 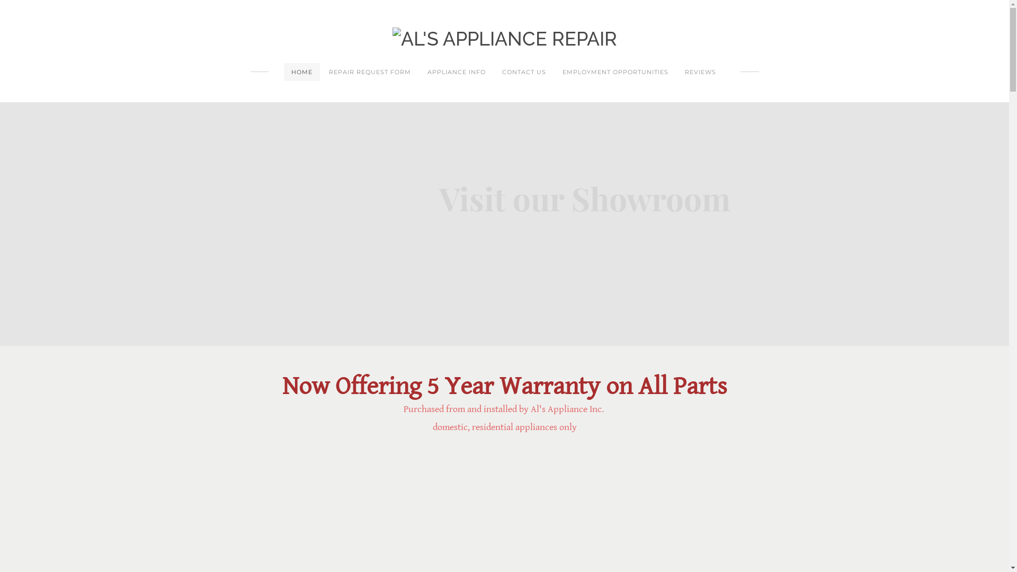 What do you see at coordinates (524, 71) in the screenshot?
I see `'CONTACT US'` at bounding box center [524, 71].